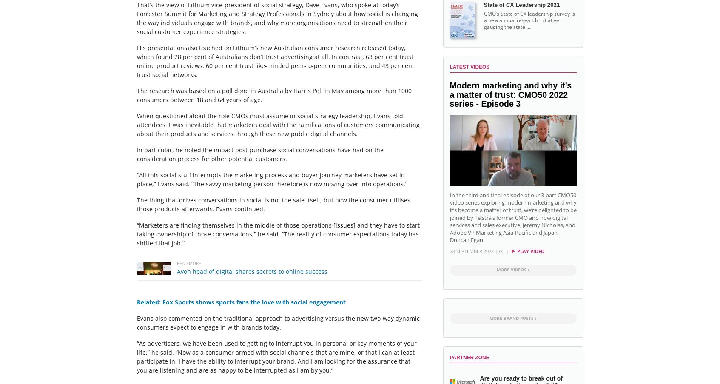 This screenshot has height=384, width=720. Describe the element at coordinates (511, 269) in the screenshot. I see `'More Videos'` at that location.